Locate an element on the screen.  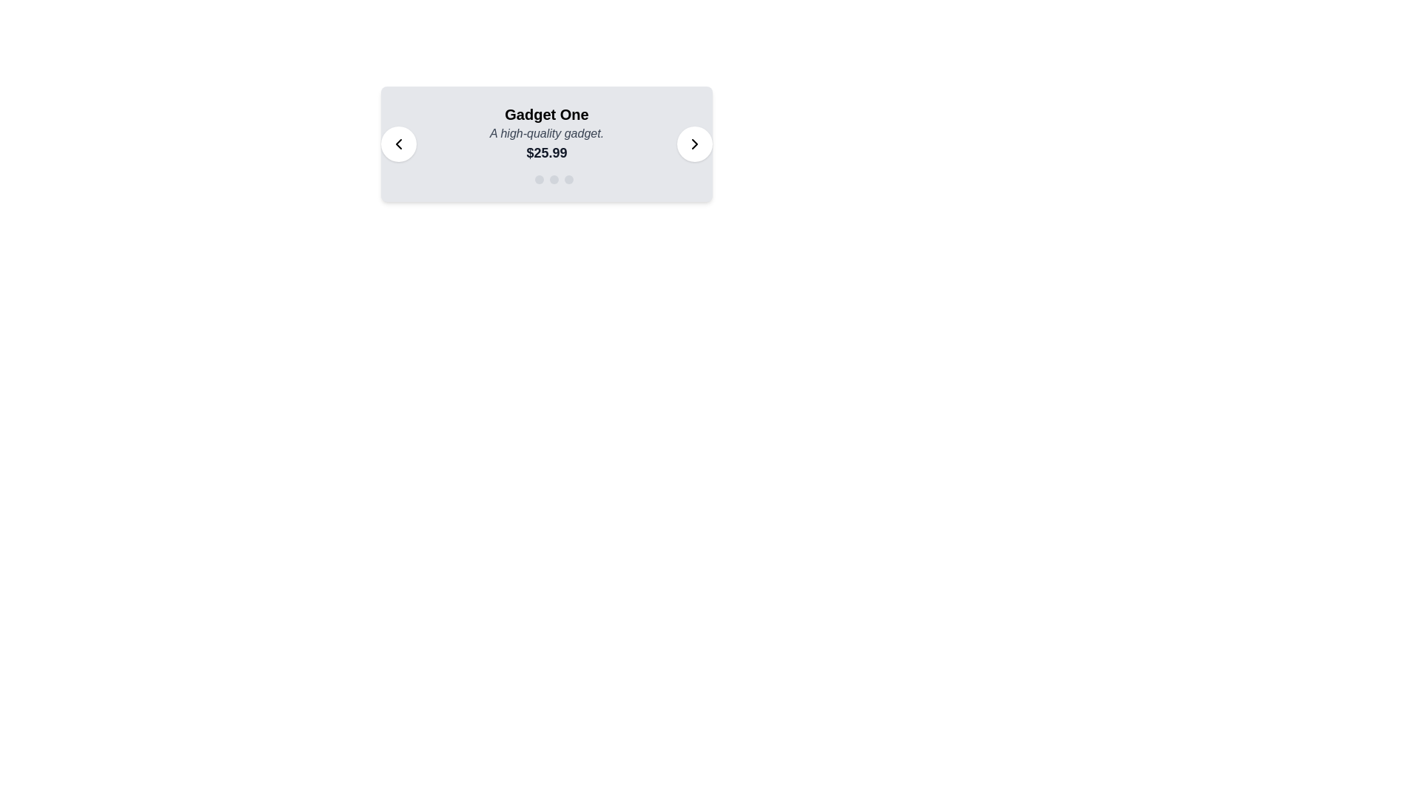
the circular button with a right-pointing chevron inside it, located to the right of the 'Gadget One' text and price information is located at coordinates (694, 144).